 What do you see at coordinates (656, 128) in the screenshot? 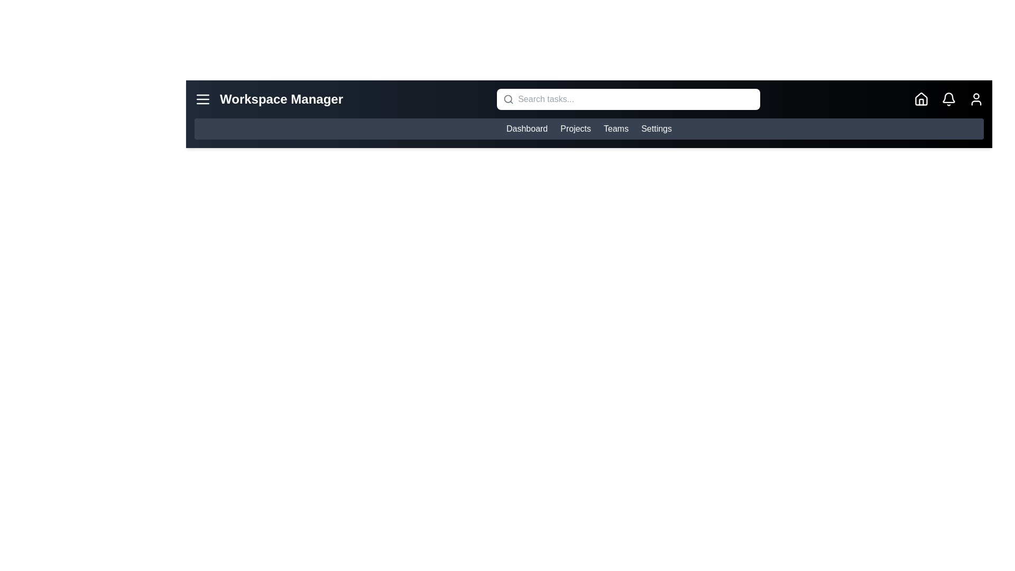
I see `the Settings link to navigate to the corresponding section` at bounding box center [656, 128].